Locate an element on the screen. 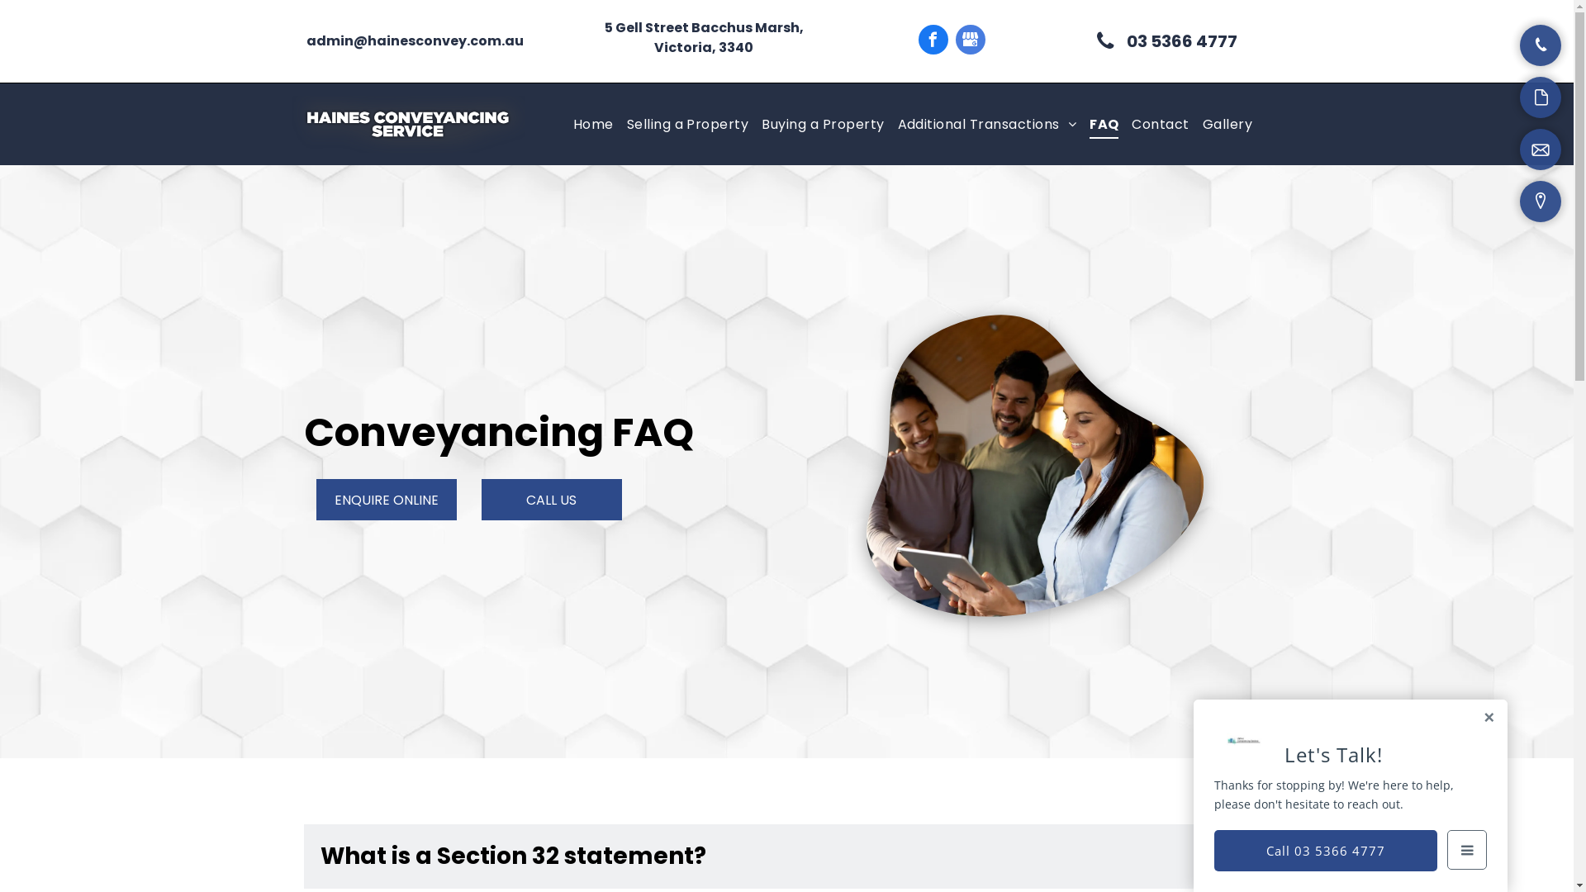  'Call 03 5366 4777' is located at coordinates (1213, 850).